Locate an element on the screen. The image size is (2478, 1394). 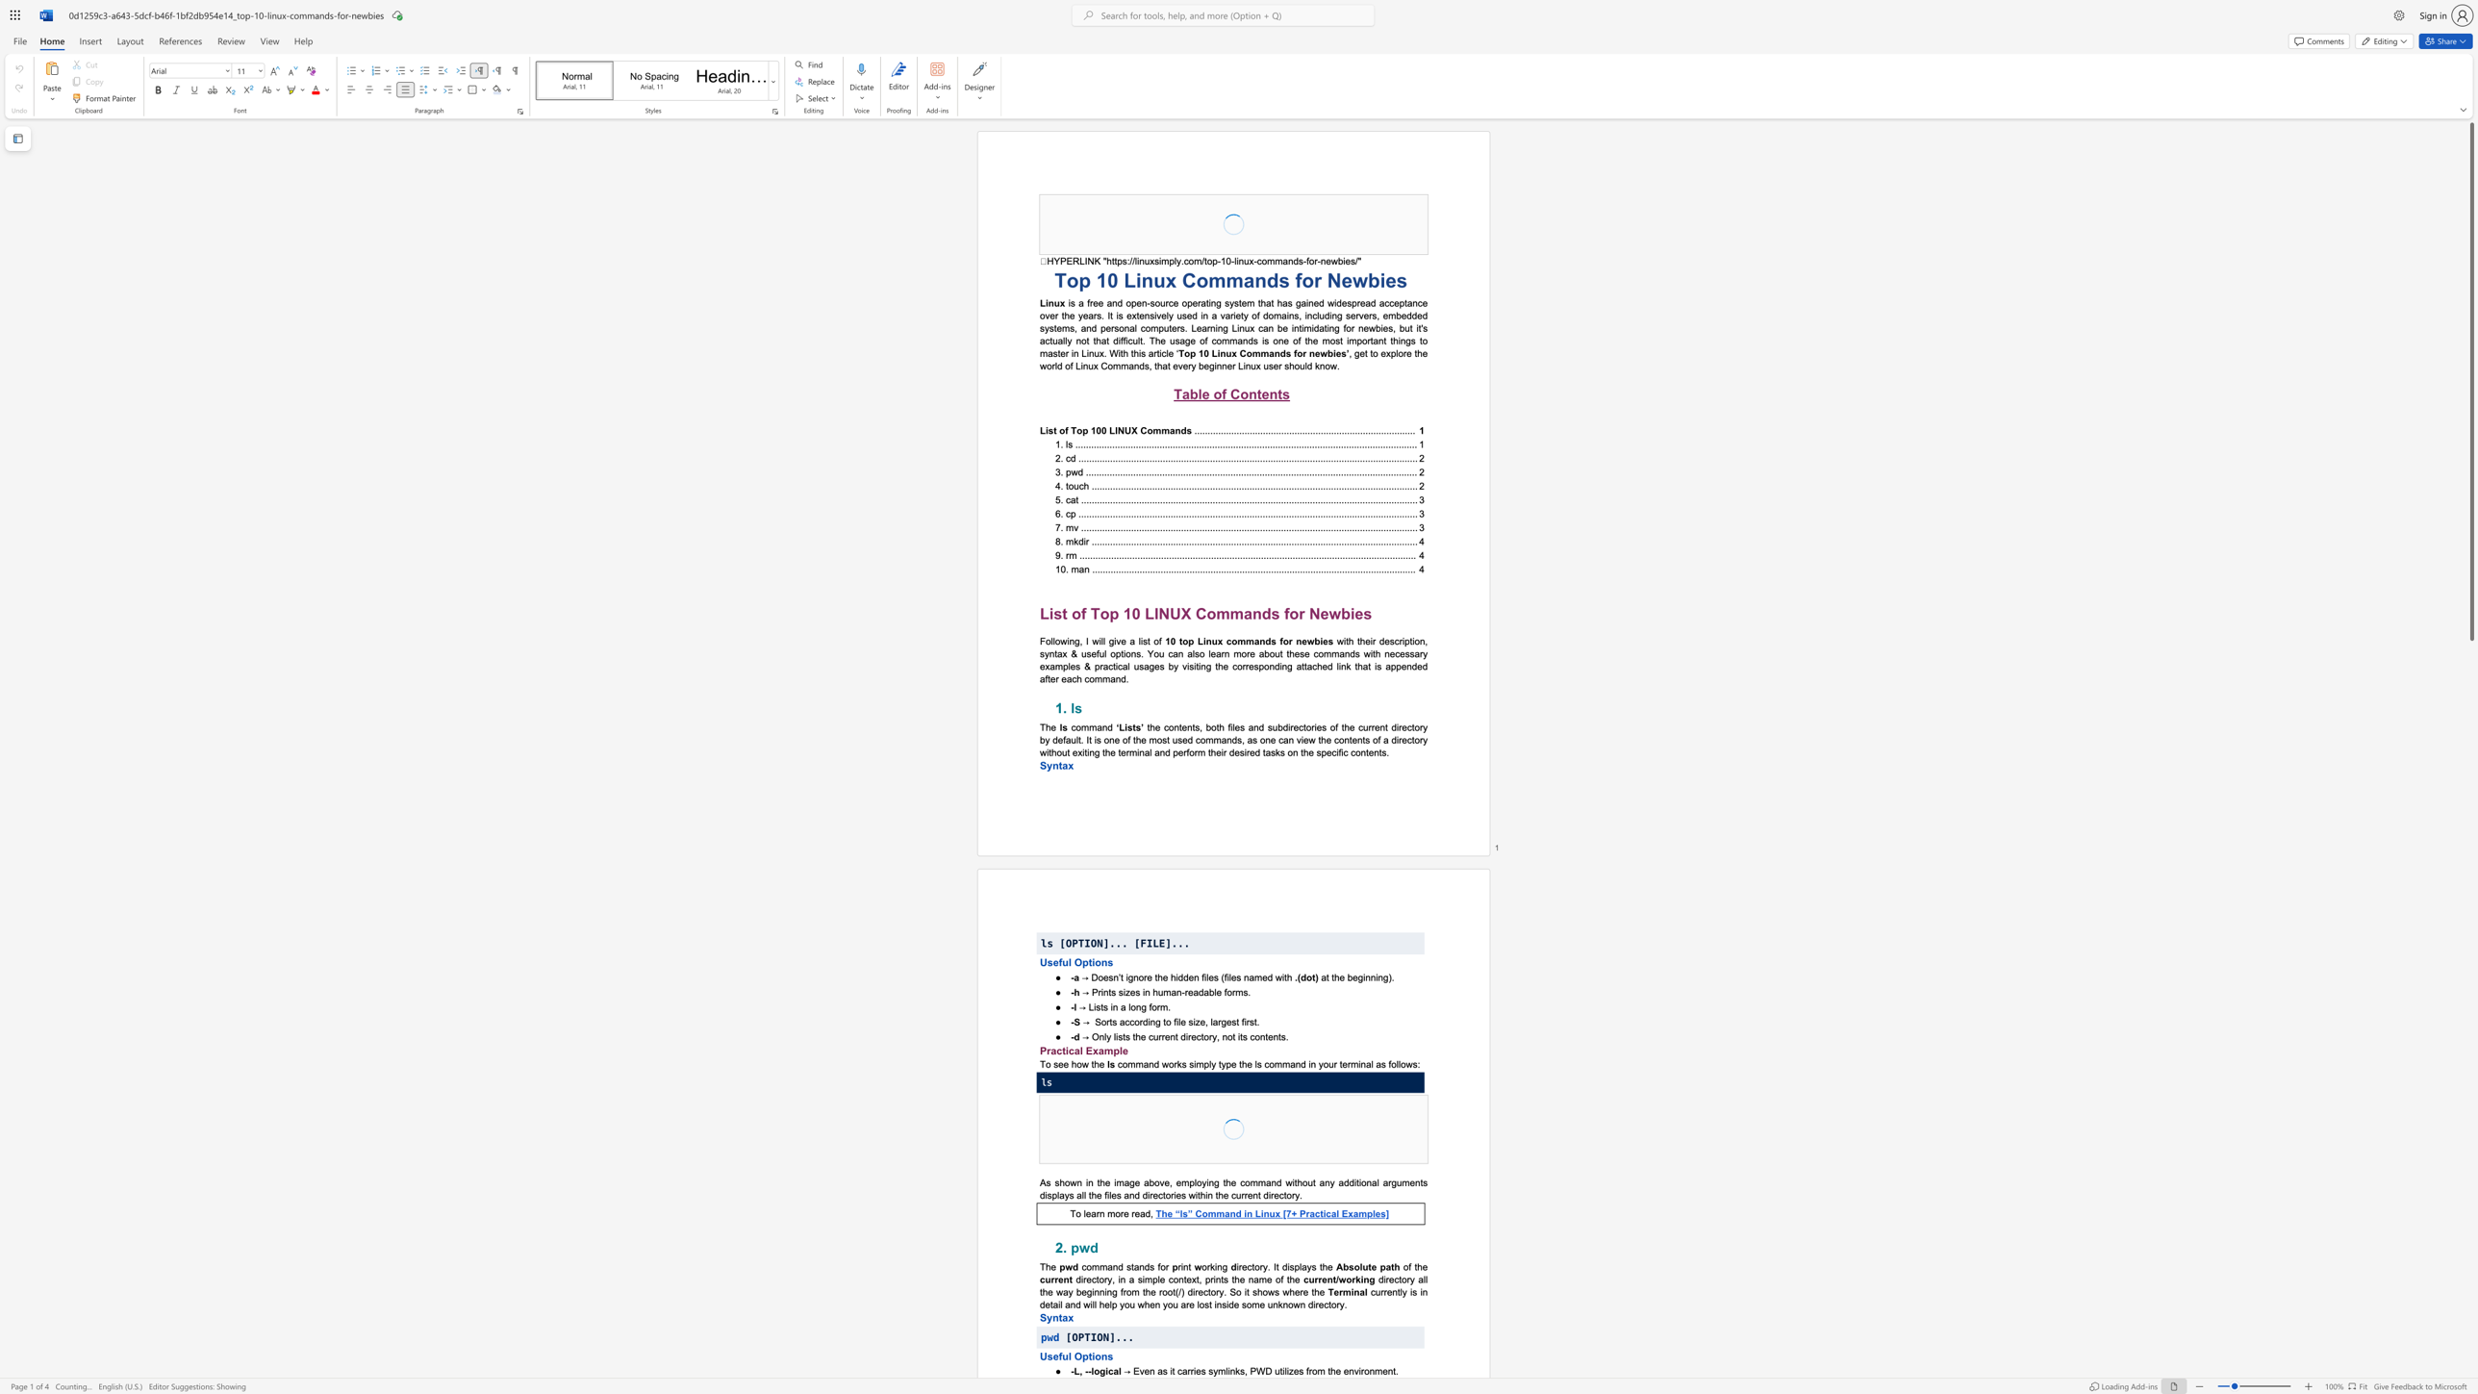
the scrollbar on the right side to scroll the page down is located at coordinates (2470, 1225).